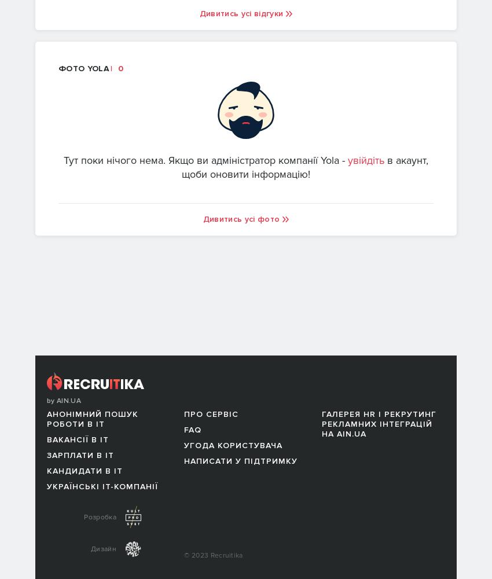 The height and width of the screenshot is (579, 492). Describe the element at coordinates (304, 167) in the screenshot. I see `'в акаунт,
          щоби оновити інформацію!'` at that location.